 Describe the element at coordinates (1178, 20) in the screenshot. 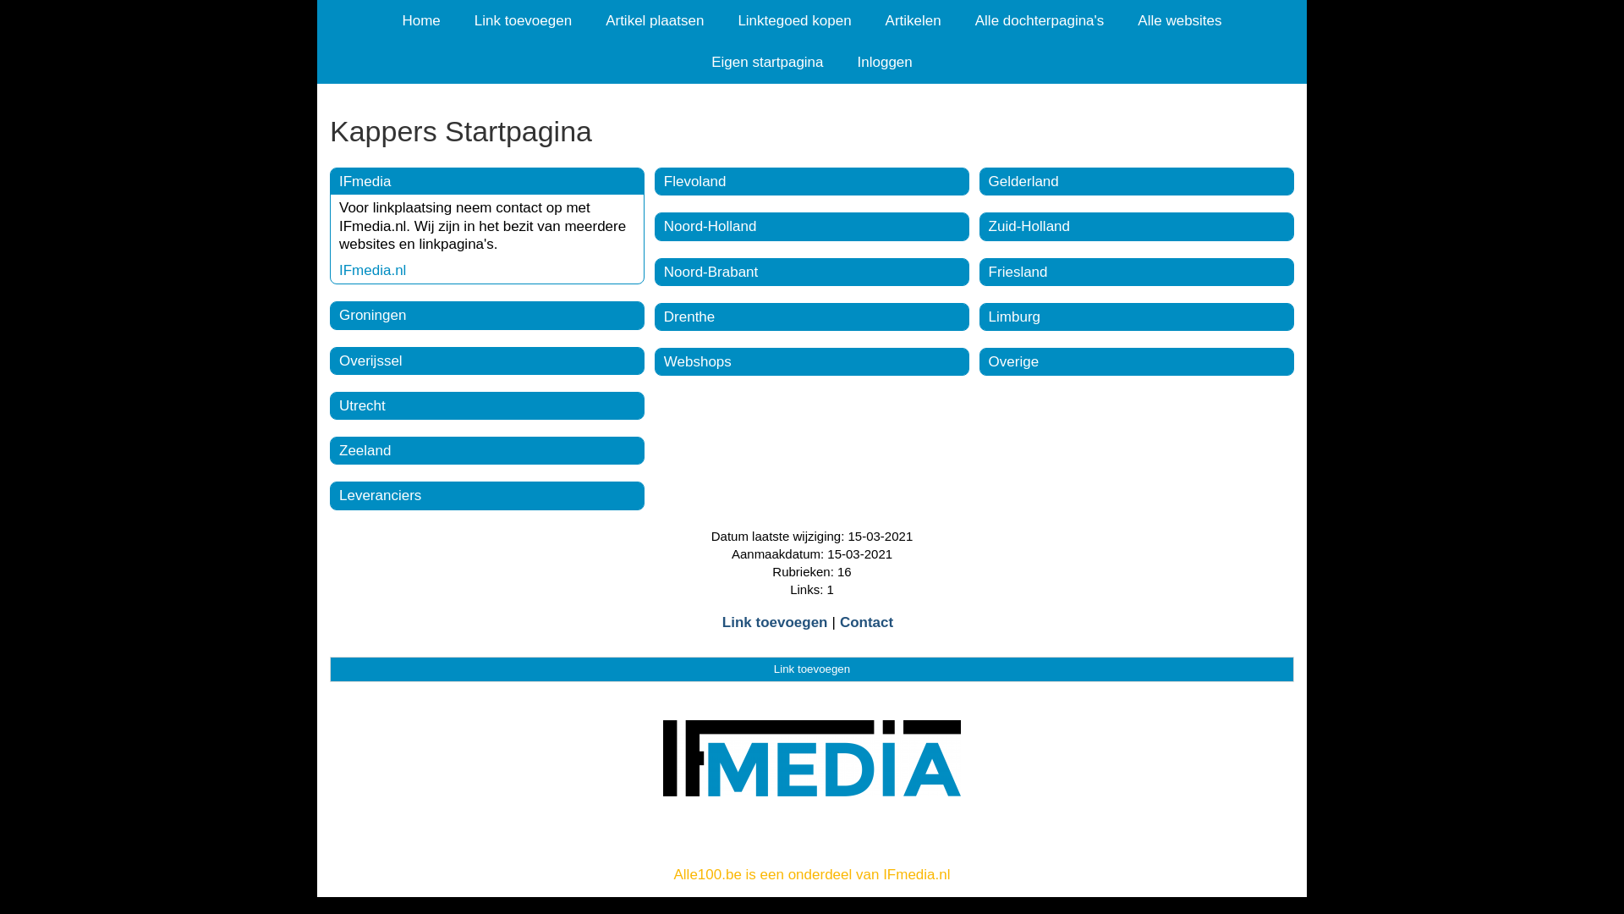

I see `'Alle websites'` at that location.